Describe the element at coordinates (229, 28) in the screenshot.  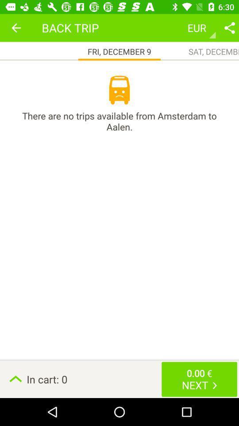
I see `open share button` at that location.